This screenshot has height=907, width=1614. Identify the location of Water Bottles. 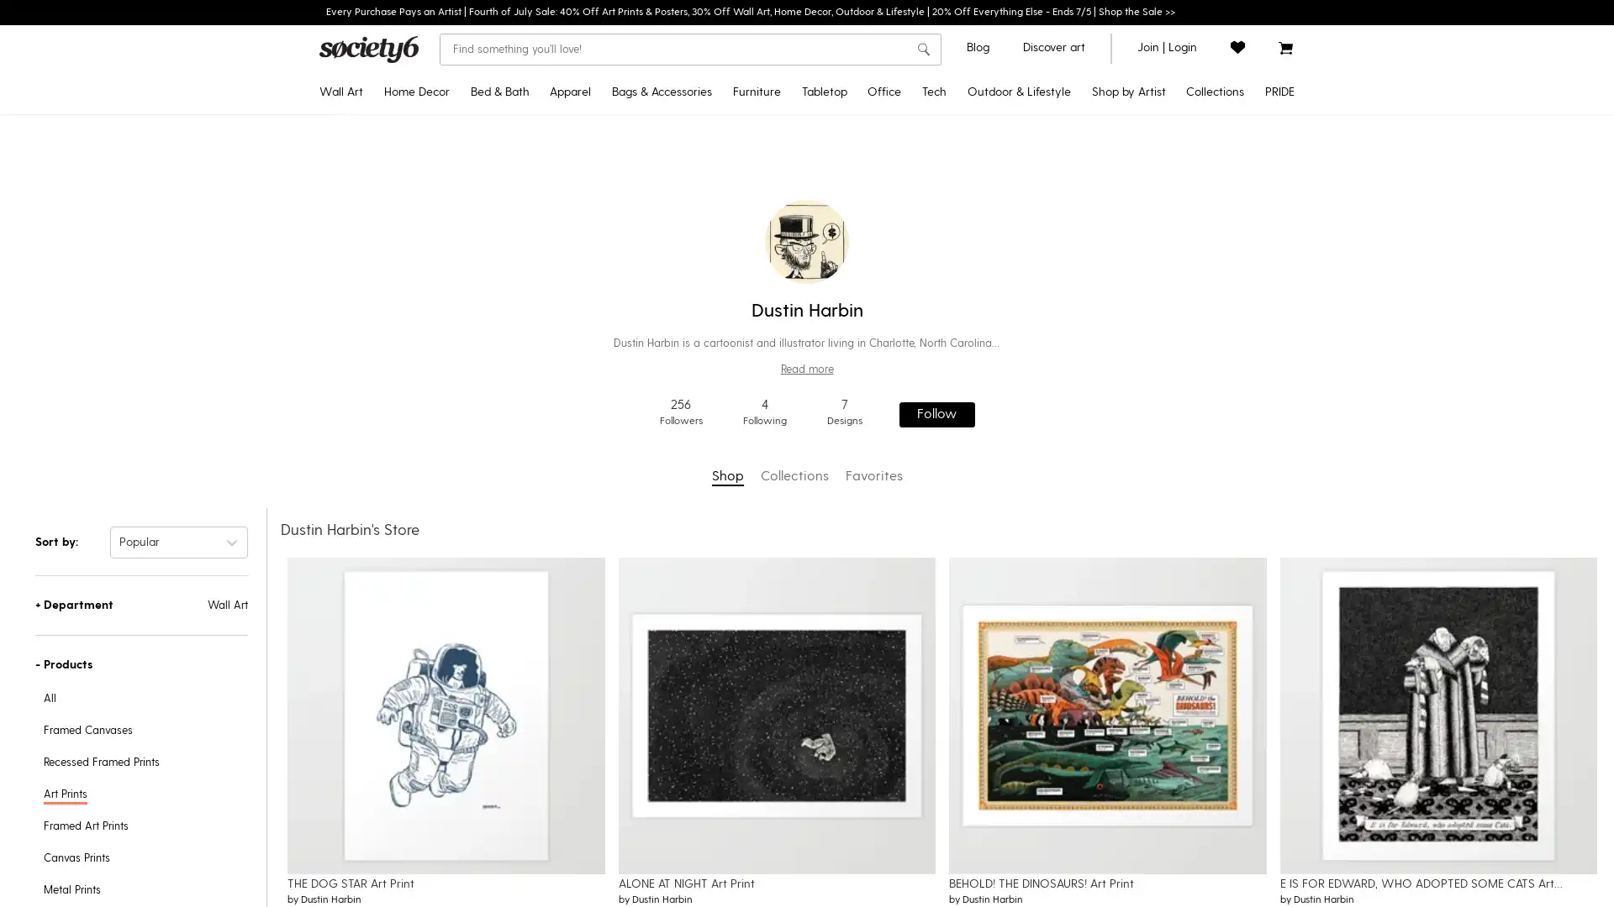
(1041, 216).